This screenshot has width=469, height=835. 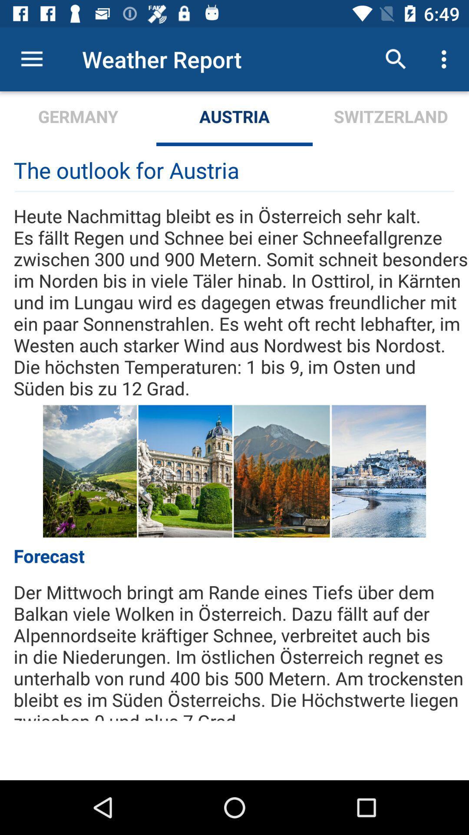 What do you see at coordinates (390, 118) in the screenshot?
I see `the switzerland` at bounding box center [390, 118].